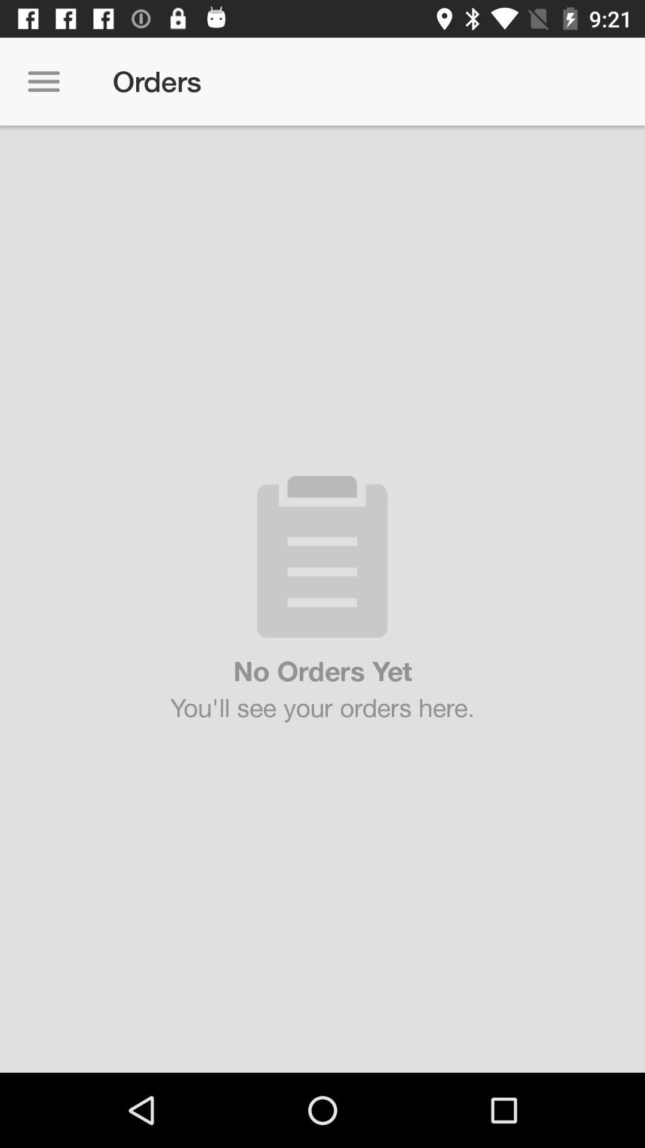  I want to click on the item above no orders yet item, so click(43, 81).